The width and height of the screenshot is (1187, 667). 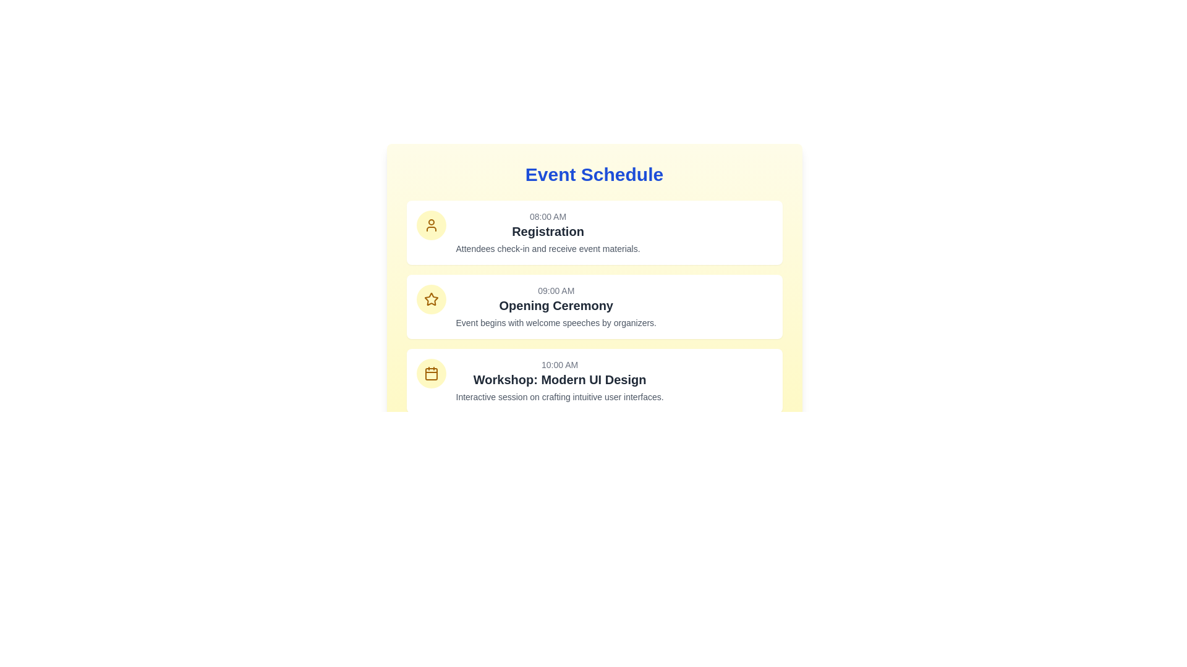 What do you see at coordinates (594, 306) in the screenshot?
I see `the vertically-stacked list of event schedule blocks, which contains icons, bold titles, smaller time fonts, and brief descriptions` at bounding box center [594, 306].